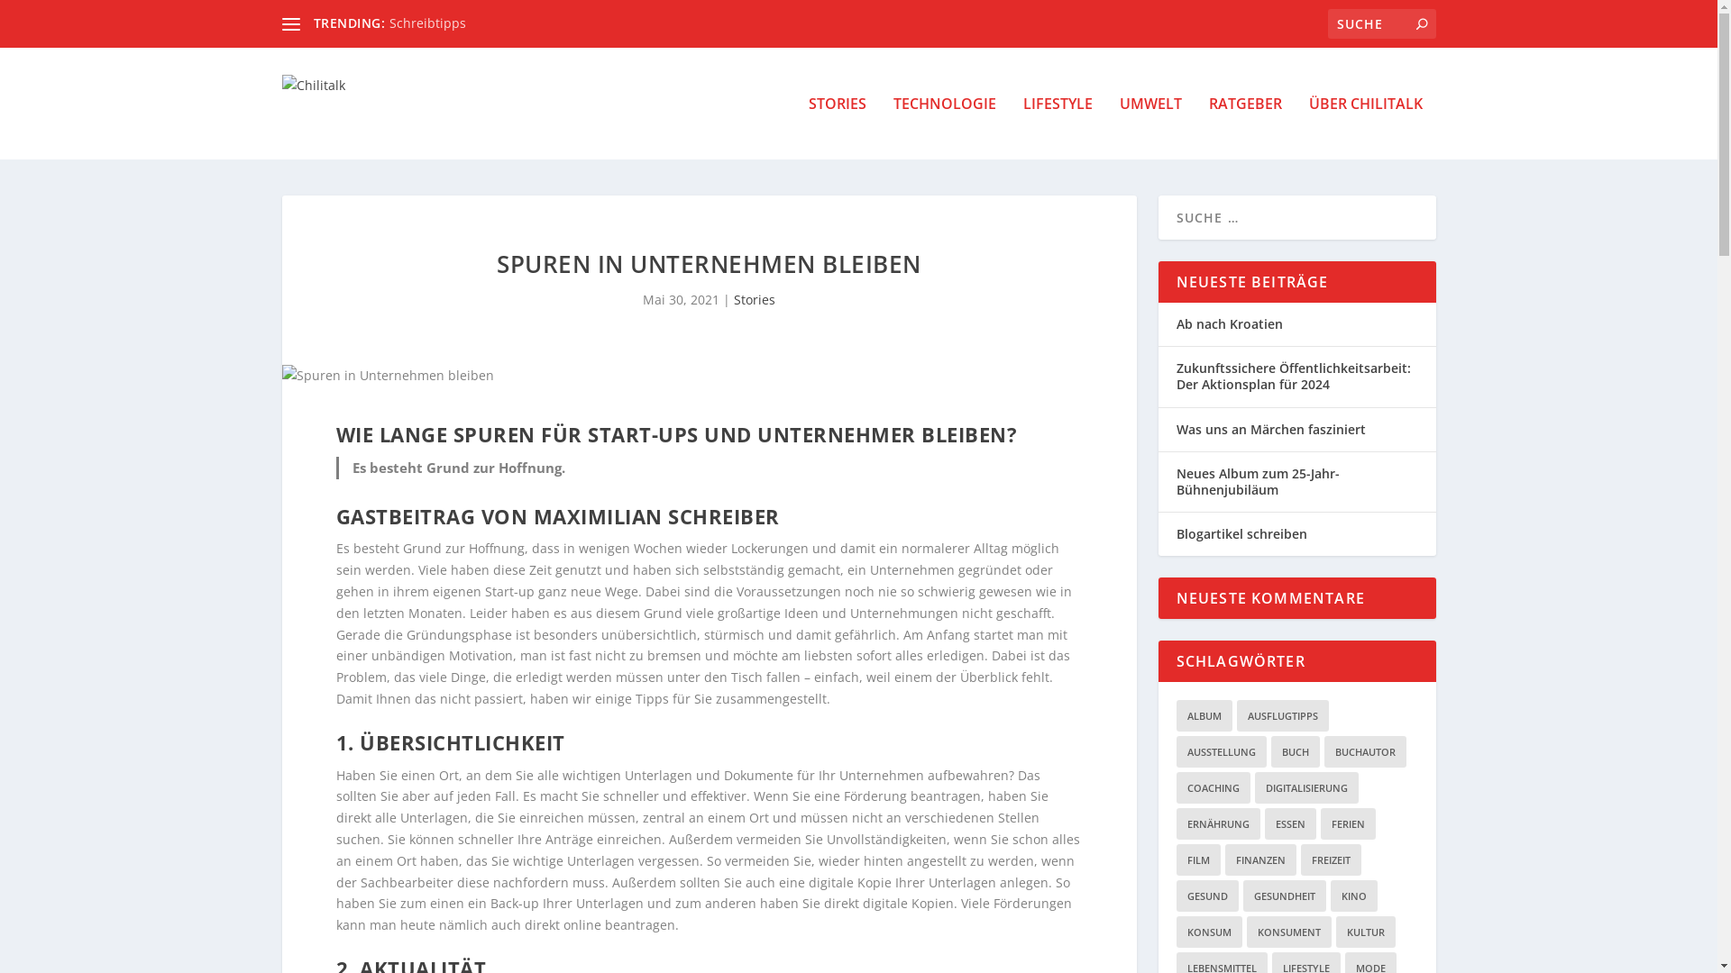 This screenshot has height=973, width=1731. I want to click on 'KONSUM', so click(1208, 932).